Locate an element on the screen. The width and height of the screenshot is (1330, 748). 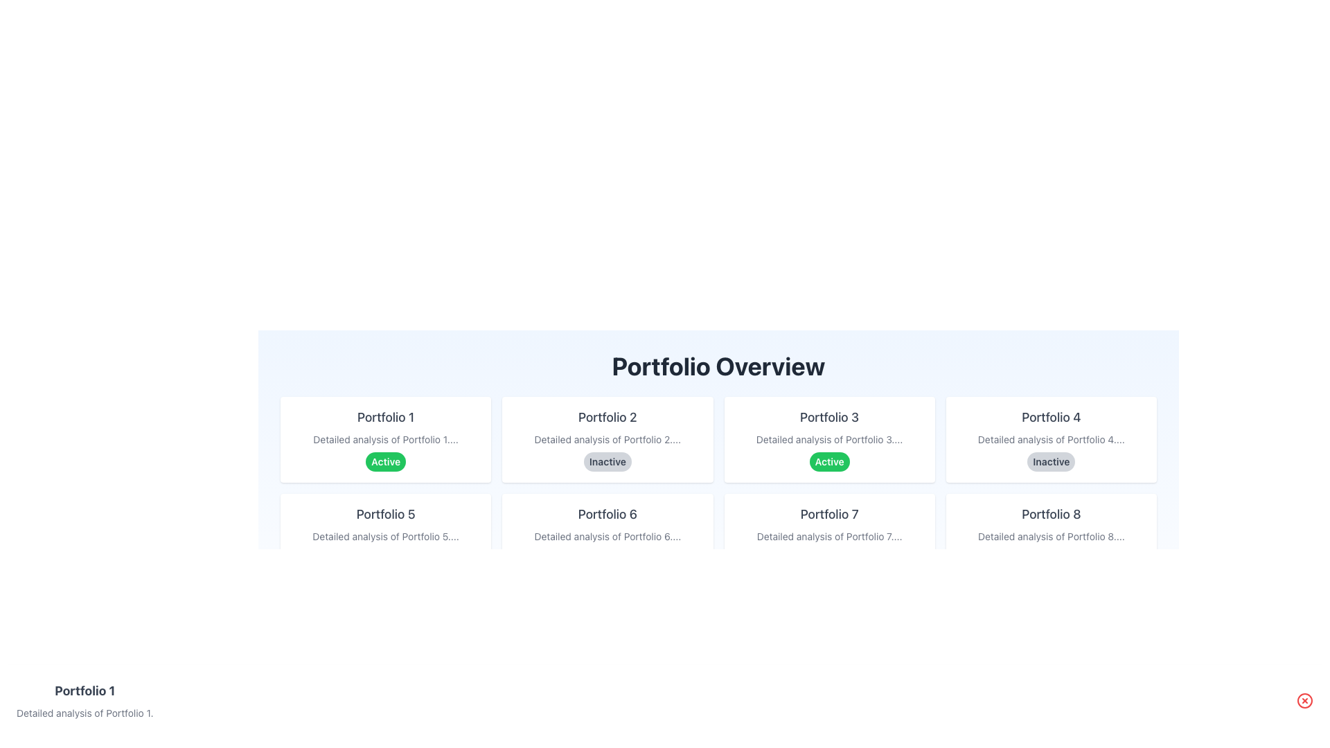
the red circular button with a white 'X' icon located at the top-right corner of the 'Portfolio 1' section is located at coordinates (1304, 700).